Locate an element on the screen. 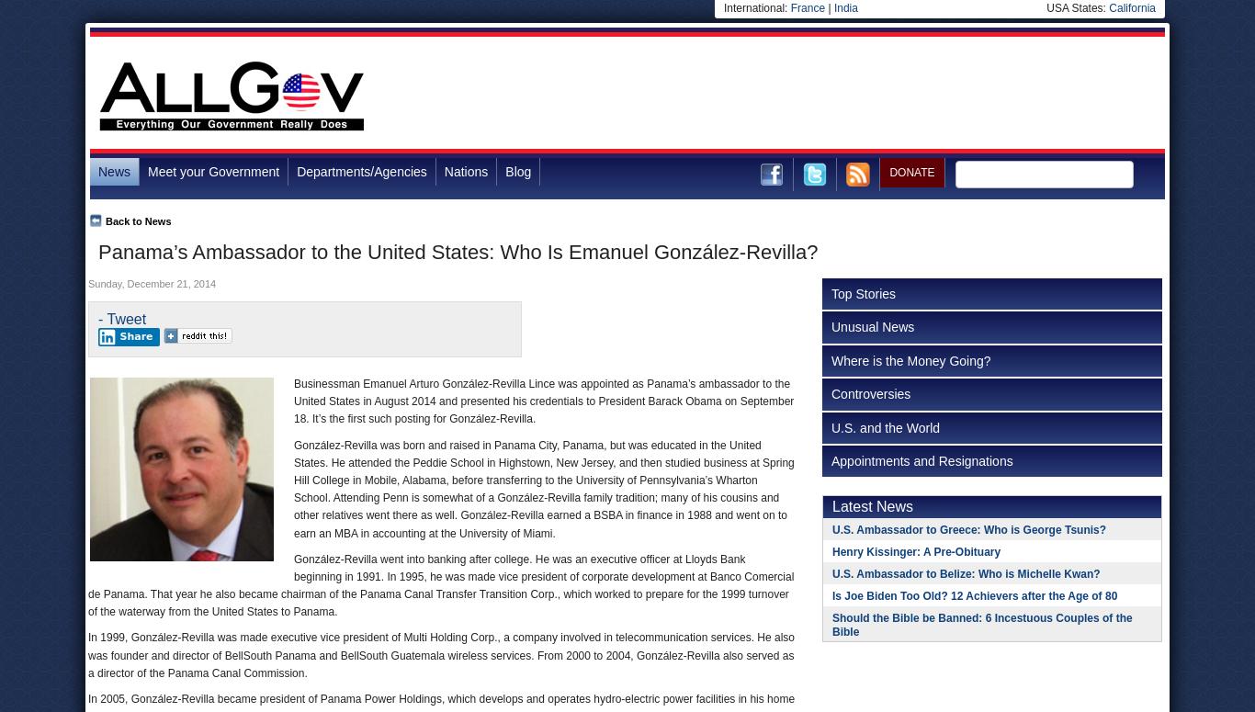 This screenshot has height=712, width=1255. 'Panama’s Ambassador to the United States: Who Is Emanuel González-Revilla?' is located at coordinates (458, 252).